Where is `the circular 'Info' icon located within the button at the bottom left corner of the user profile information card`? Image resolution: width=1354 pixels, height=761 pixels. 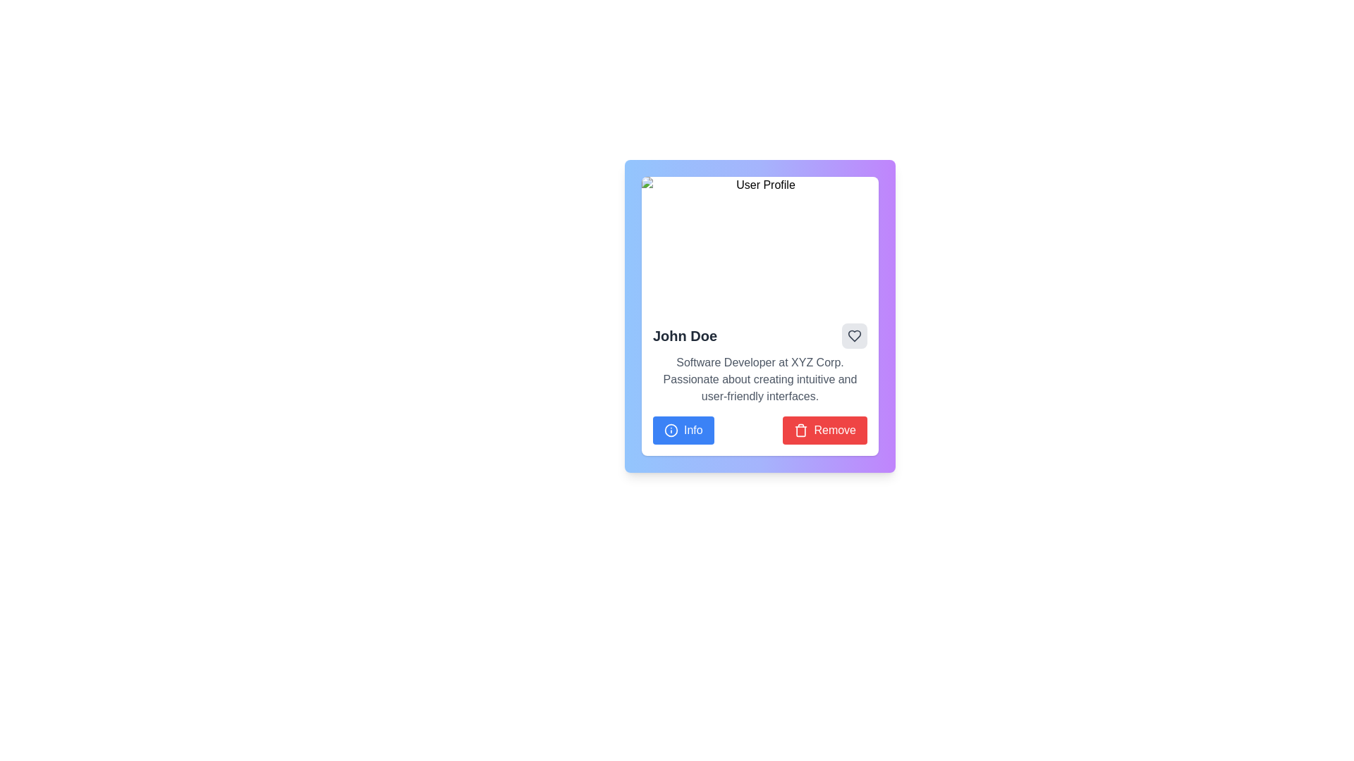
the circular 'Info' icon located within the button at the bottom left corner of the user profile information card is located at coordinates (670, 429).